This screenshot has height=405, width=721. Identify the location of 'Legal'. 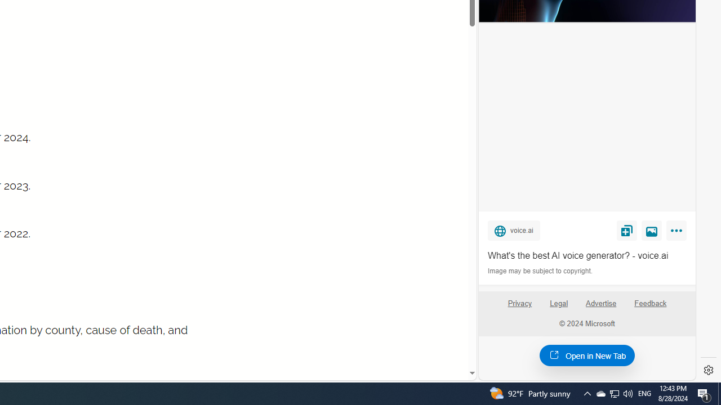
(559, 308).